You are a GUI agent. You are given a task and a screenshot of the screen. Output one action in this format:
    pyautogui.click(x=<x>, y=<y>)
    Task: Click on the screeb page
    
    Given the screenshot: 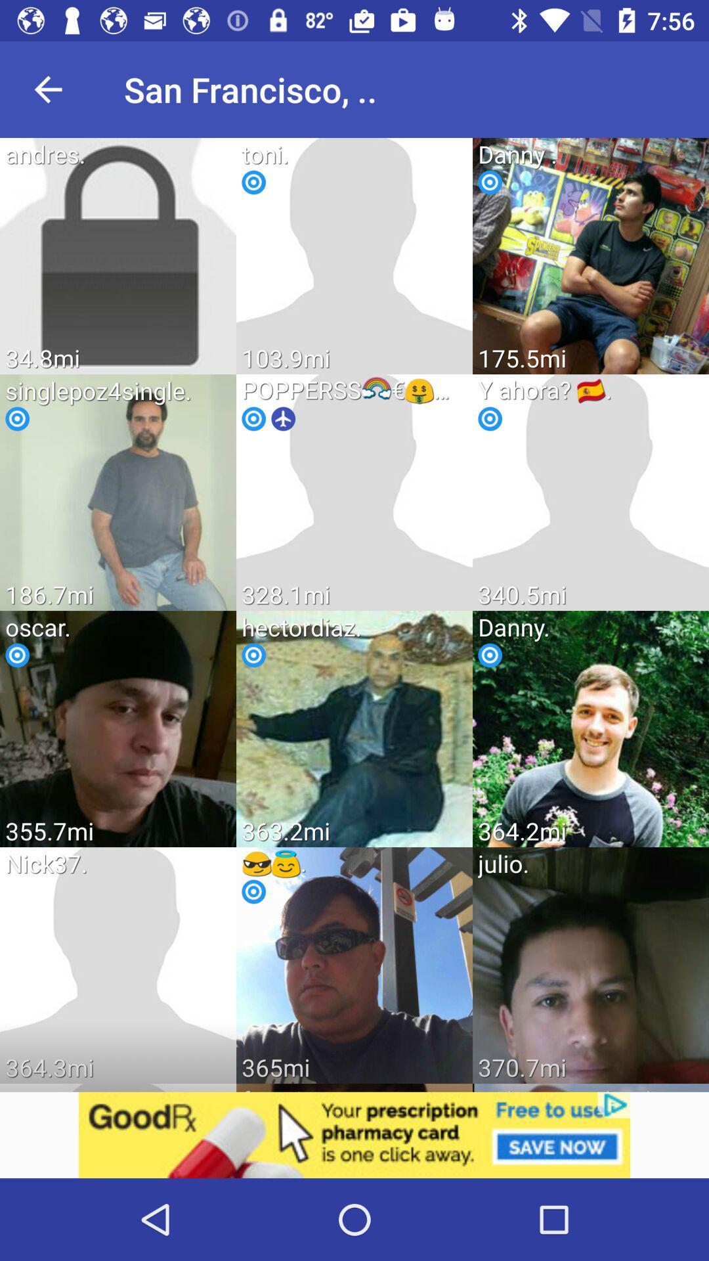 What is the action you would take?
    pyautogui.click(x=354, y=1134)
    